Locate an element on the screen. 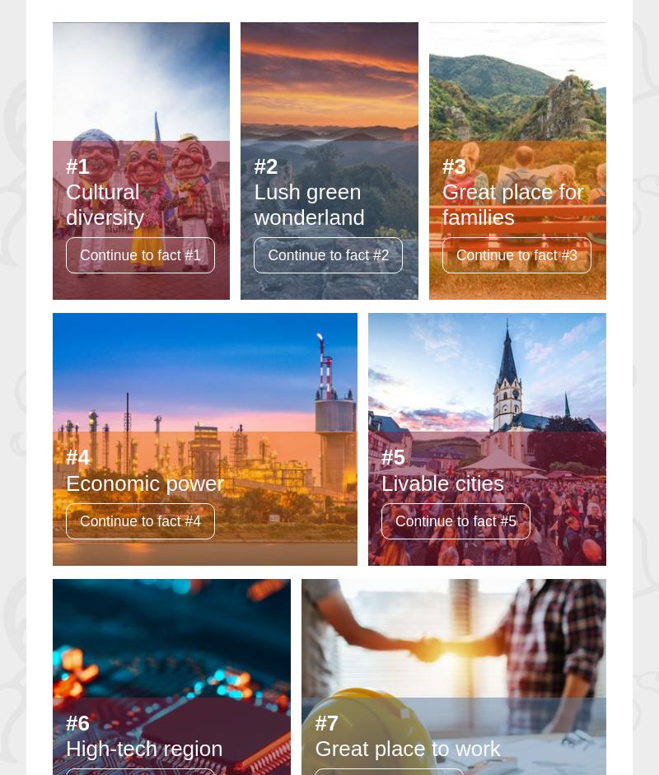 This screenshot has height=775, width=659. 'Cultural diversity' is located at coordinates (66, 203).